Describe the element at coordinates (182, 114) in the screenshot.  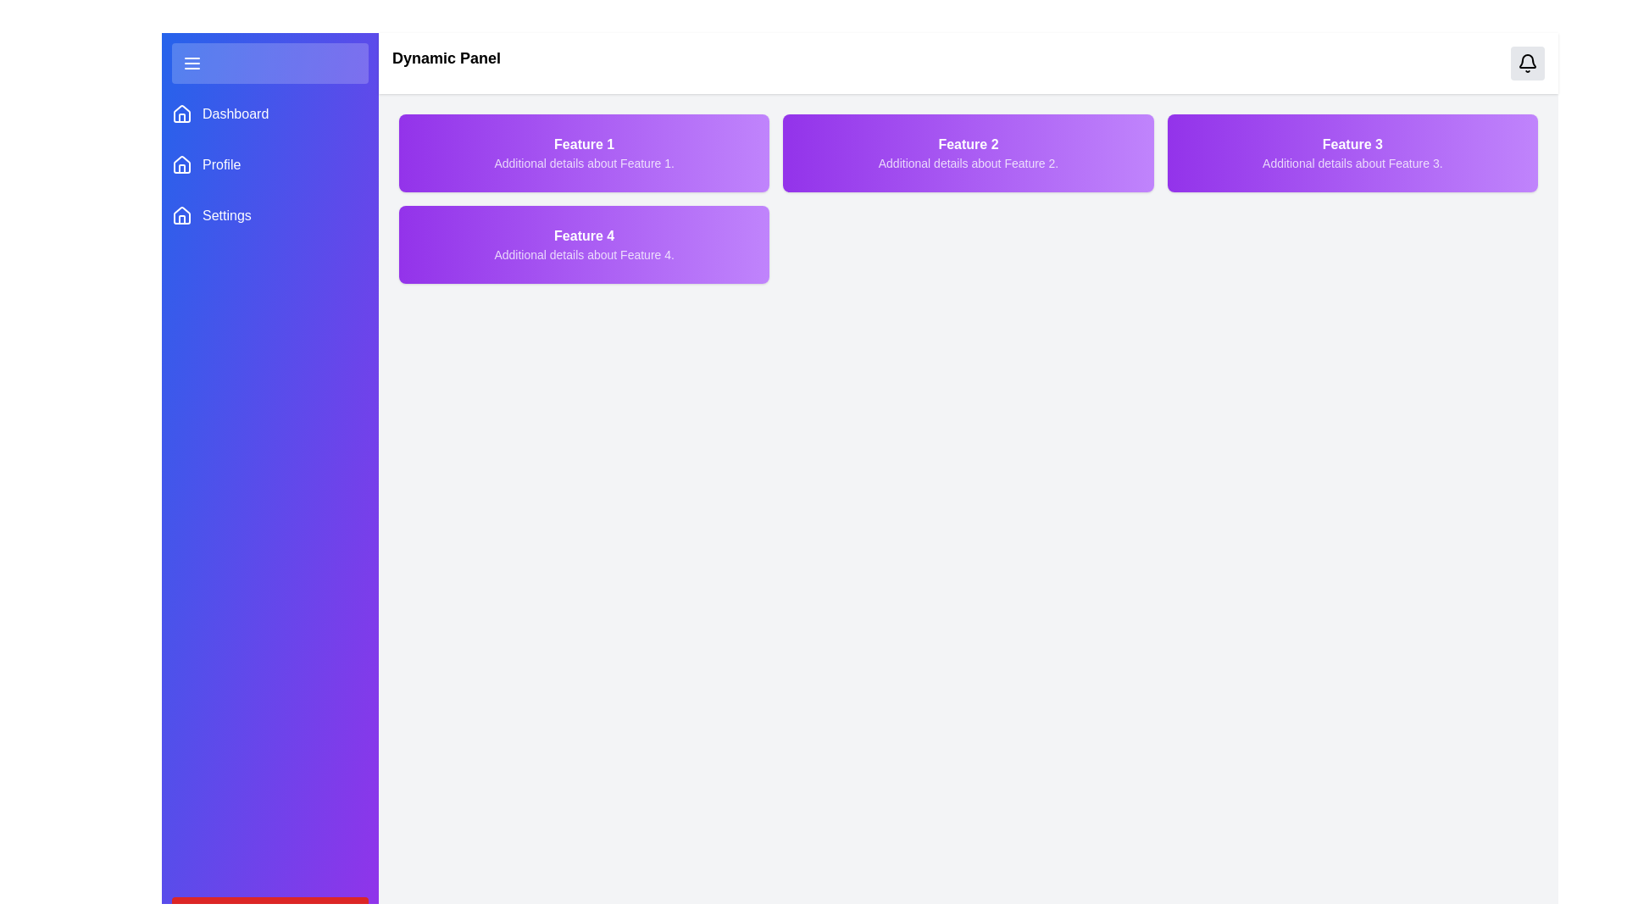
I see `the home icon located in the navigation bar on the left-hand side, positioned at the top of the three vertical options` at that location.